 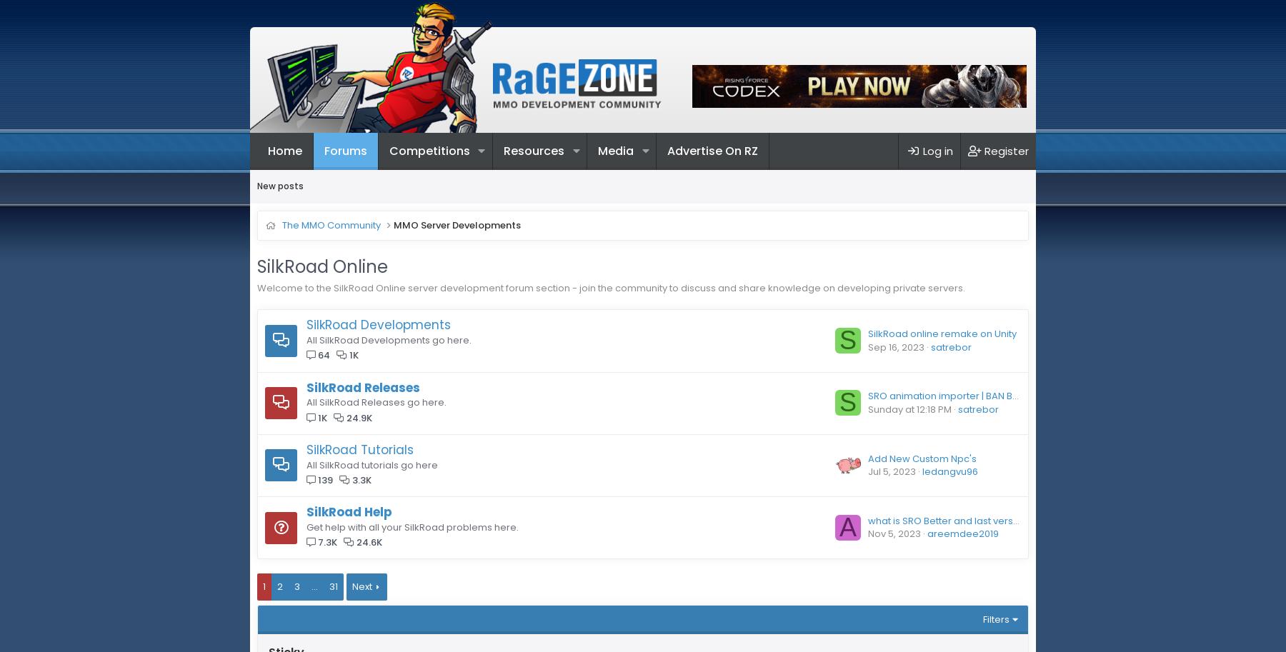 I want to click on '24.6K', so click(x=368, y=541).